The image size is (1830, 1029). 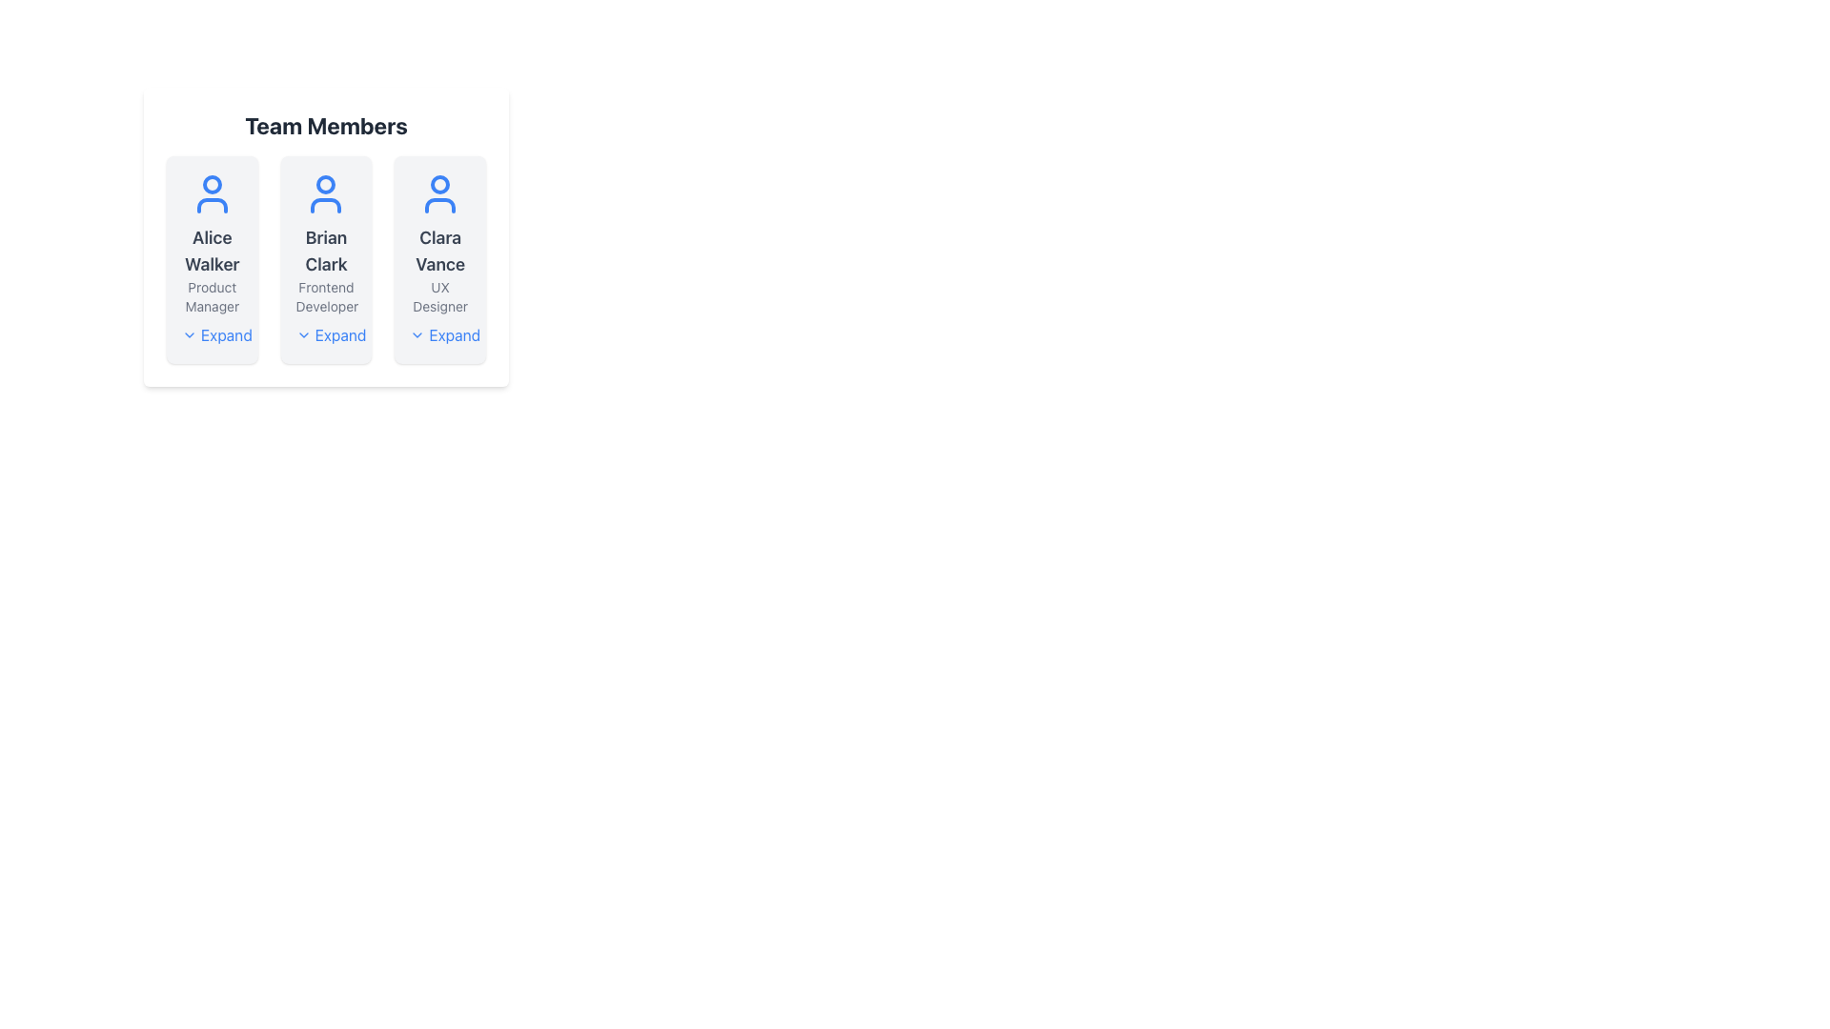 What do you see at coordinates (212, 206) in the screenshot?
I see `the decorative SVG component representing the user figure above the name 'Alice Walker' in the Team Members section` at bounding box center [212, 206].